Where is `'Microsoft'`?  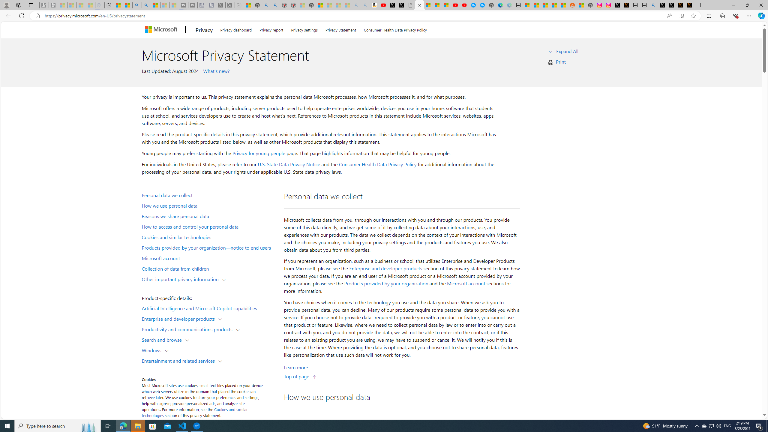 'Microsoft' is located at coordinates (162, 30).